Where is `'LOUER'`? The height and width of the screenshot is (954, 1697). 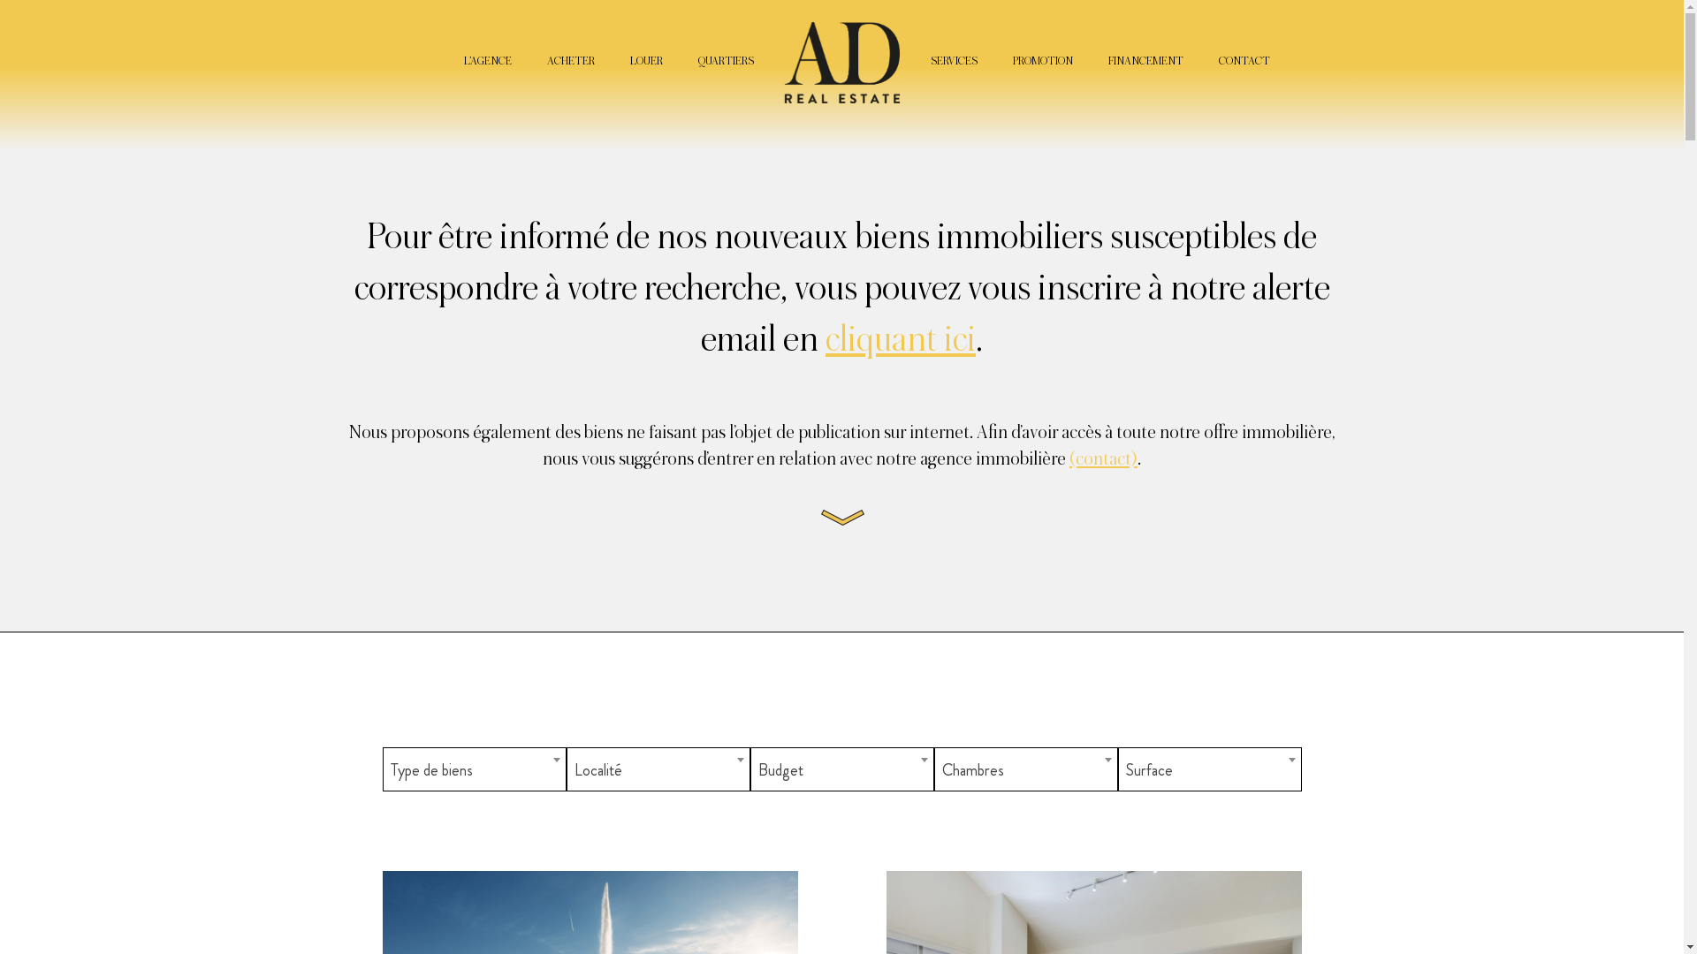 'LOUER' is located at coordinates (644, 60).